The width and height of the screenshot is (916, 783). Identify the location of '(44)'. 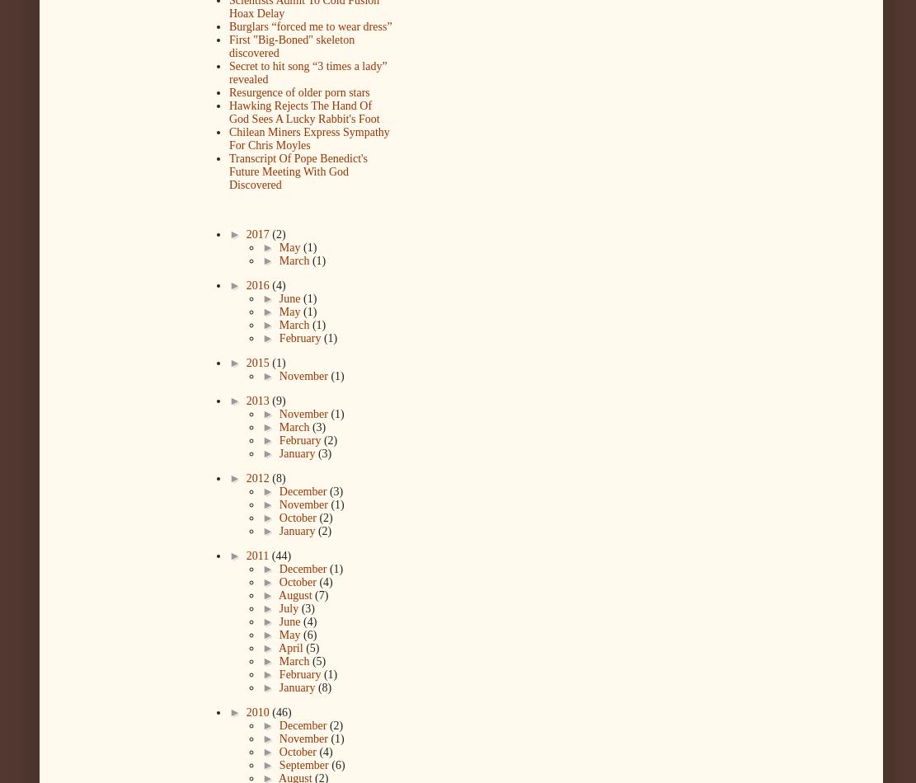
(279, 556).